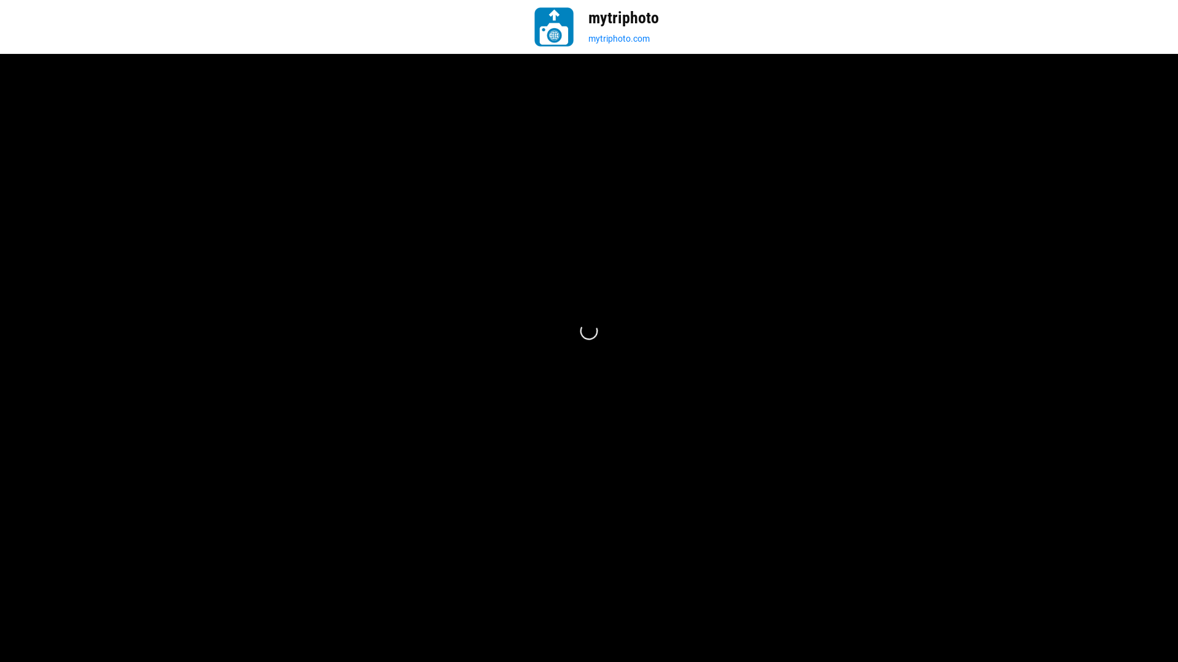 The width and height of the screenshot is (1178, 662). What do you see at coordinates (623, 38) in the screenshot?
I see `'mytriphoto.com'` at bounding box center [623, 38].